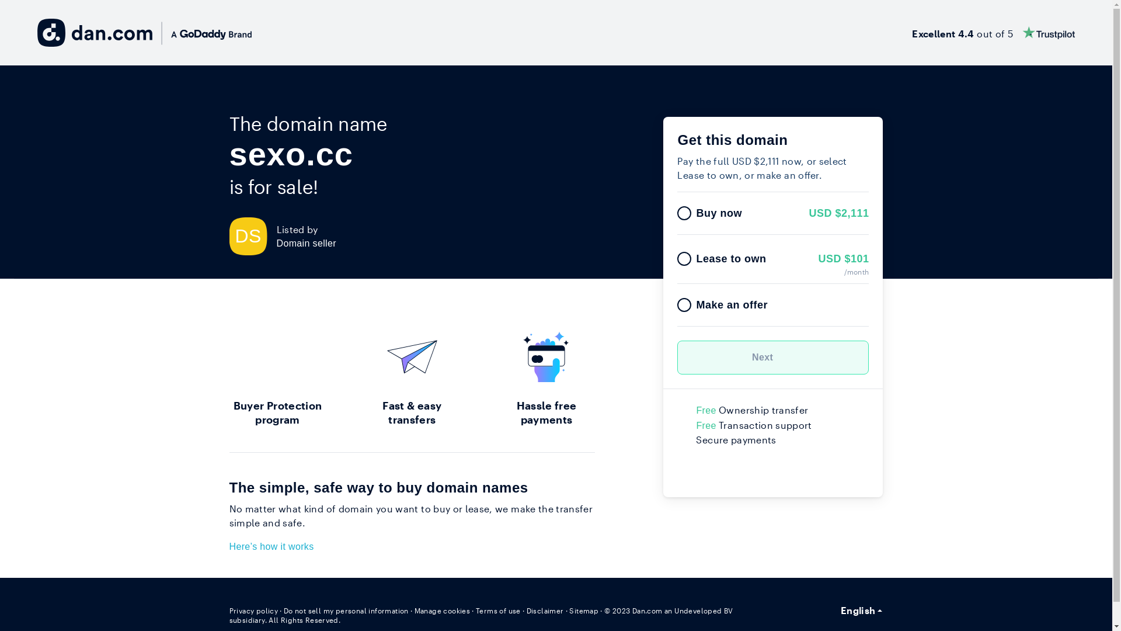 This screenshot has width=1121, height=631. Describe the element at coordinates (498, 610) in the screenshot. I see `'Terms of use'` at that location.